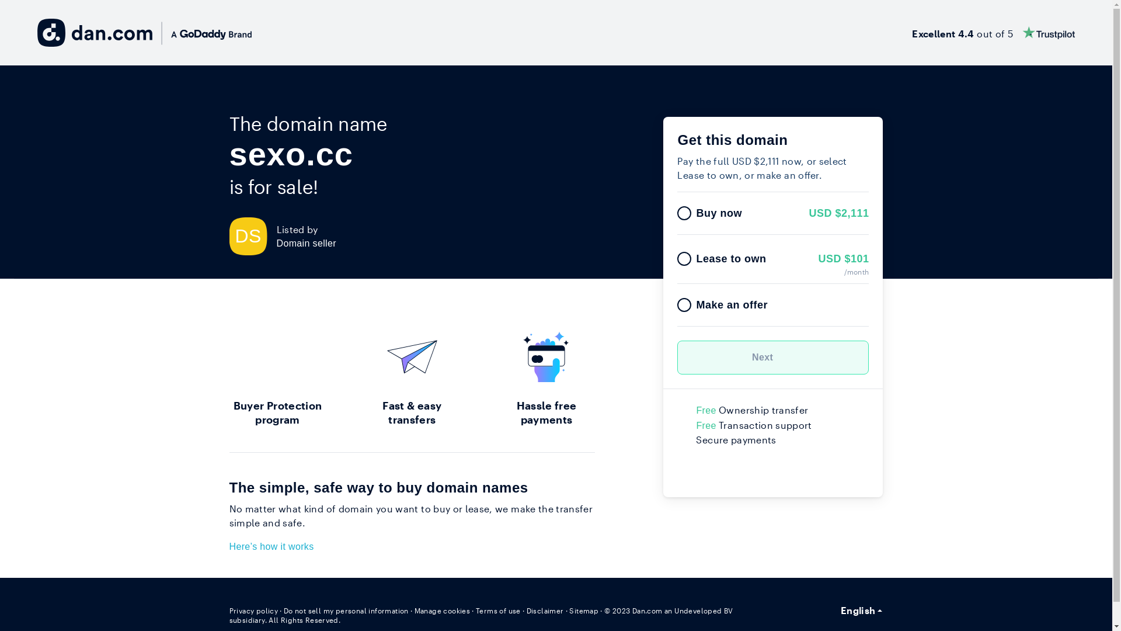 This screenshot has width=1121, height=631. Describe the element at coordinates (498, 610) in the screenshot. I see `'Terms of use'` at that location.